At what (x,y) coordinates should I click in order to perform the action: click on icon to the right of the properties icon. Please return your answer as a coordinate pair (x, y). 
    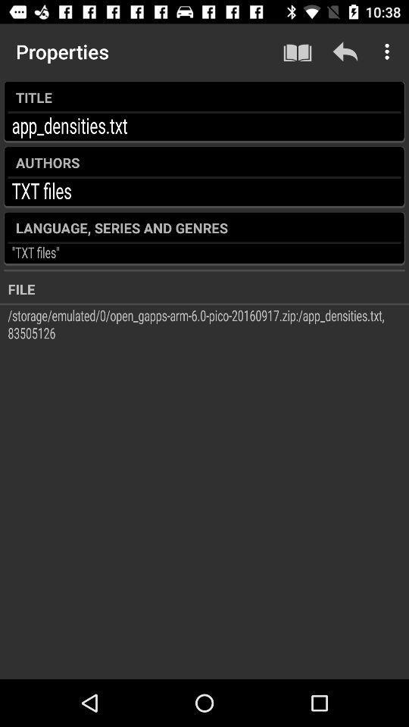
    Looking at the image, I should click on (298, 51).